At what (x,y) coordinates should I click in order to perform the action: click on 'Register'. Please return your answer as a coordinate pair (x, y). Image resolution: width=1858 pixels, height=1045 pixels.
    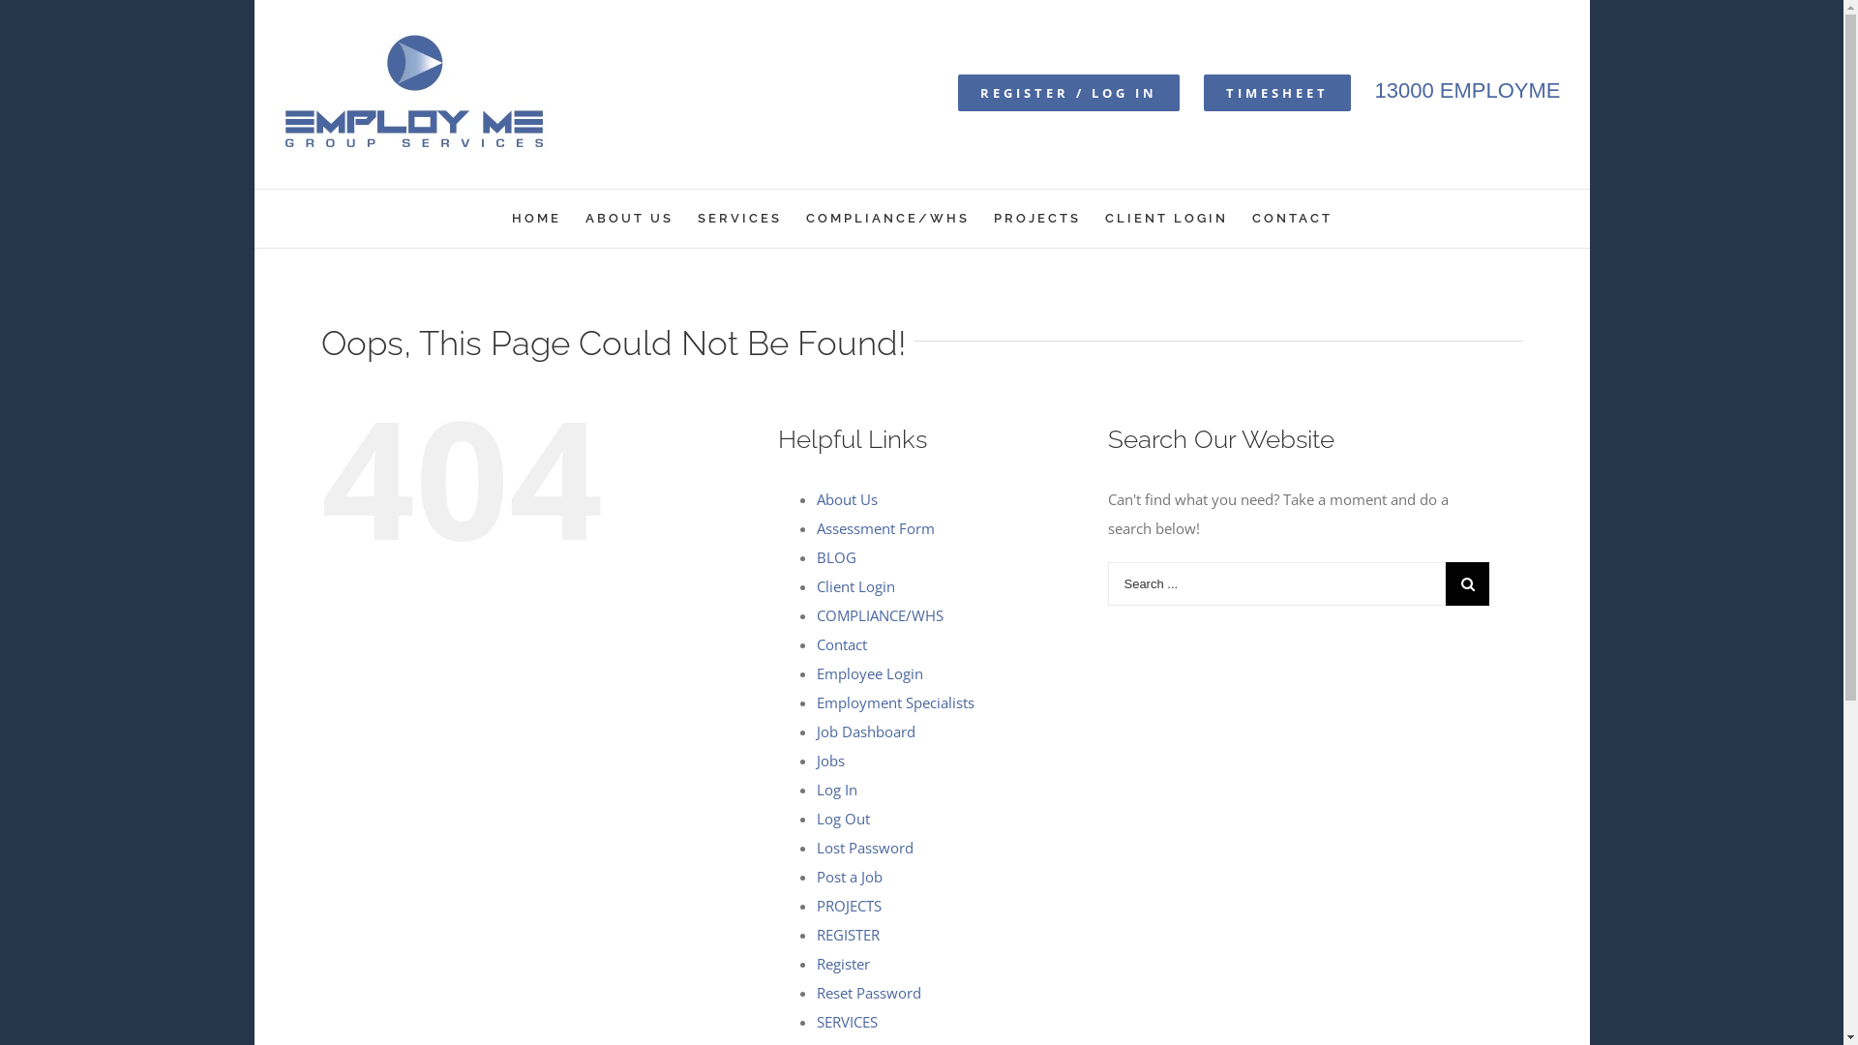
    Looking at the image, I should click on (843, 963).